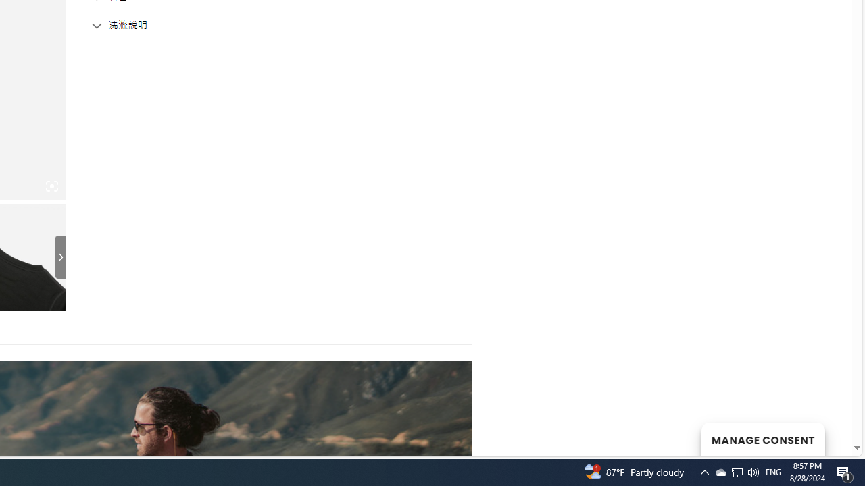 Image resolution: width=865 pixels, height=486 pixels. Describe the element at coordinates (762, 439) in the screenshot. I see `'MANAGE CONSENT'` at that location.